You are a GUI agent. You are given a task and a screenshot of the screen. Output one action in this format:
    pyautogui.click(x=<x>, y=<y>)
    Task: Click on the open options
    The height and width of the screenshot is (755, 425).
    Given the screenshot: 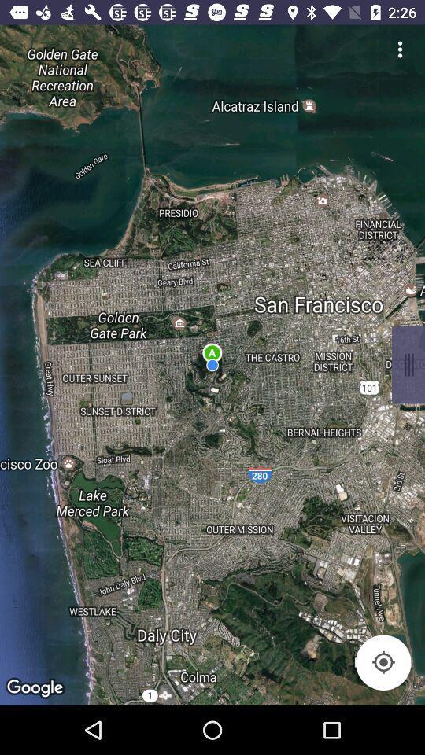 What is the action you would take?
    pyautogui.click(x=400, y=49)
    